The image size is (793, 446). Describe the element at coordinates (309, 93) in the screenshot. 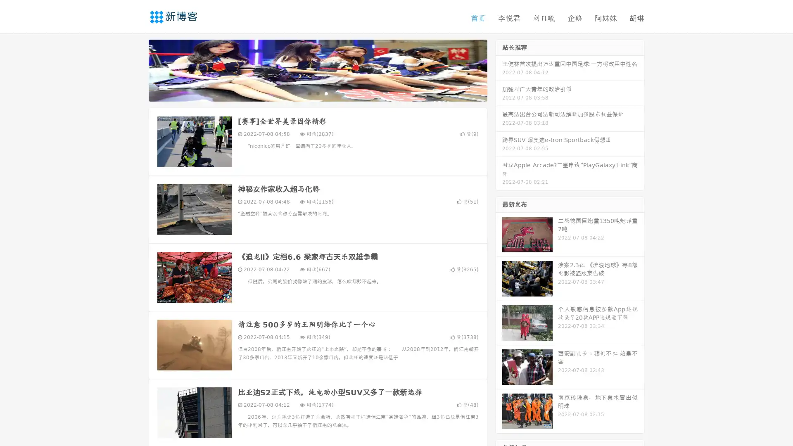

I see `Go to slide 1` at that location.